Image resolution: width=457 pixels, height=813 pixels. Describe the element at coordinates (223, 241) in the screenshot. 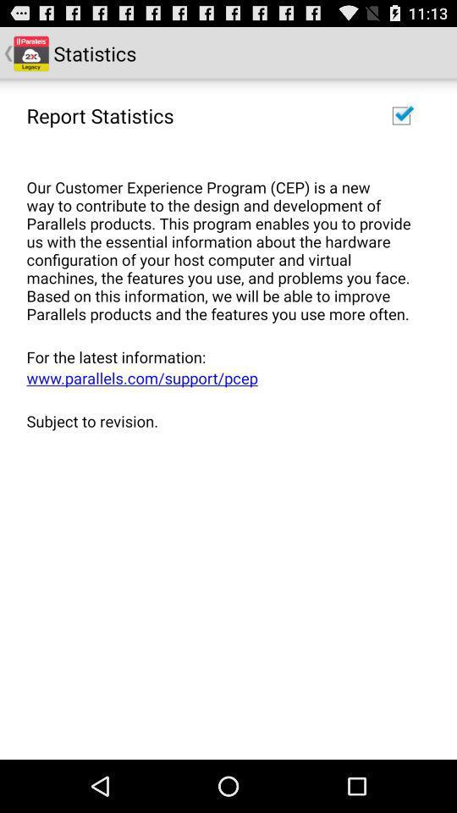

I see `our customer experience item` at that location.